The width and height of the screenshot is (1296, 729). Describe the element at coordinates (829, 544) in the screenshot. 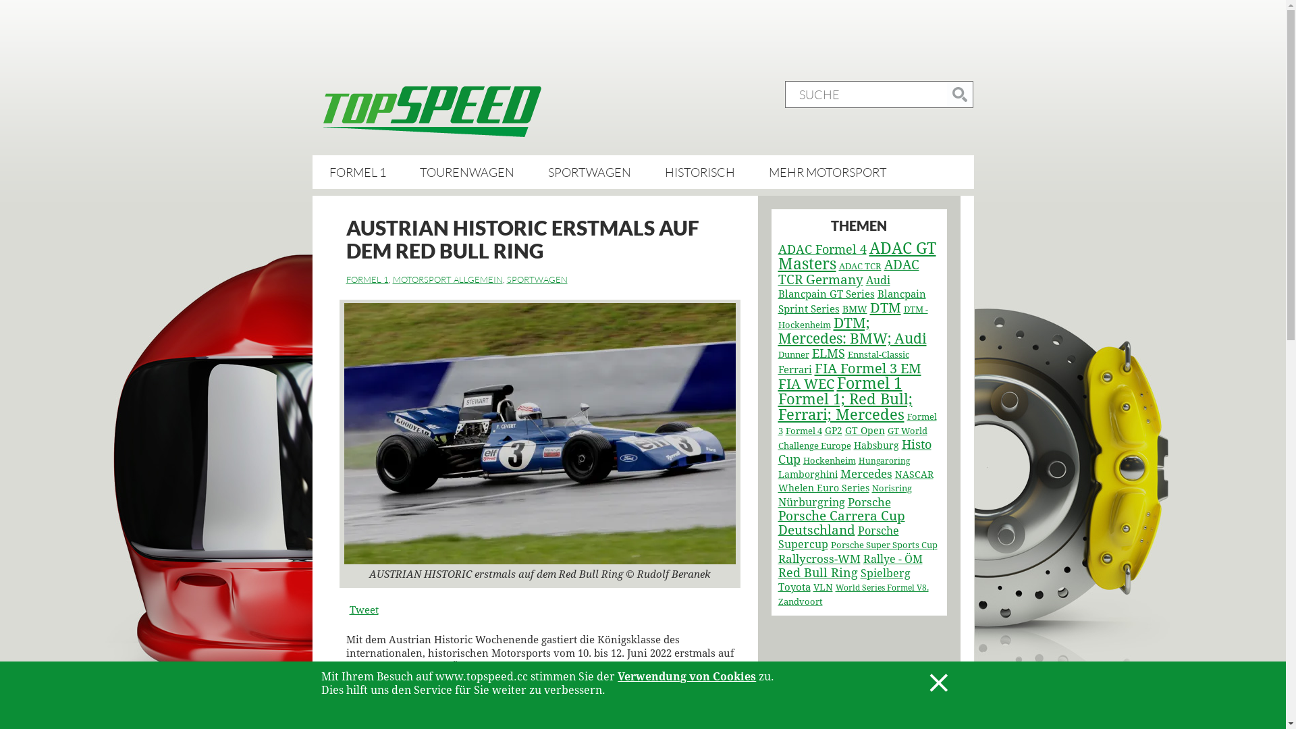

I see `'Porsche Super Sports Cup'` at that location.